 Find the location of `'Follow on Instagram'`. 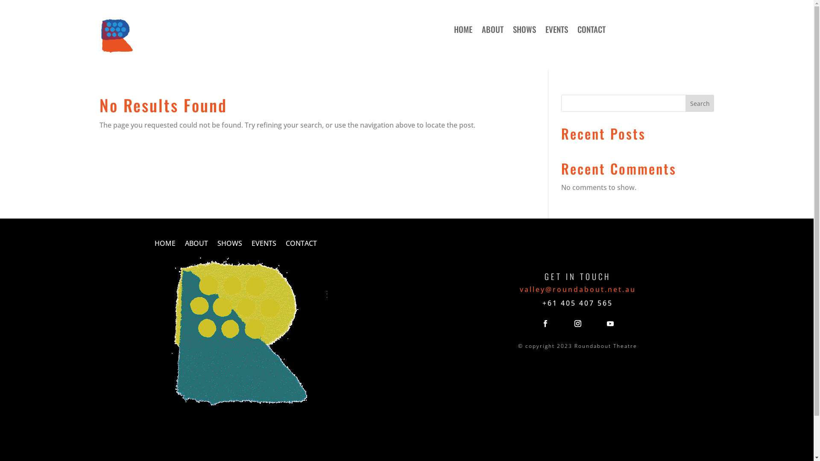

'Follow on Instagram' is located at coordinates (578, 324).